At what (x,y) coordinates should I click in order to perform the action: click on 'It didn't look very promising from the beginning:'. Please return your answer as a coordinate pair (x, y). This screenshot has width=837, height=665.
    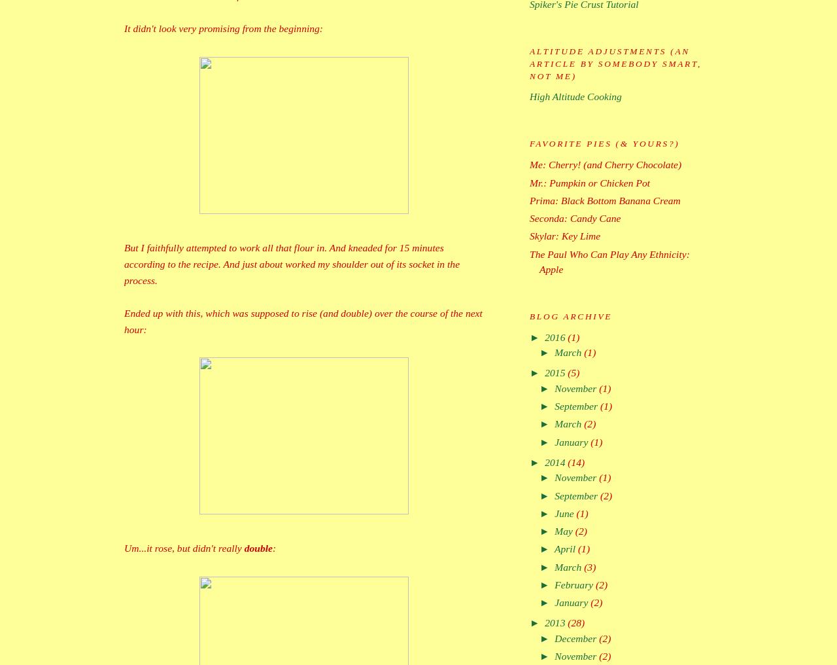
    Looking at the image, I should click on (224, 27).